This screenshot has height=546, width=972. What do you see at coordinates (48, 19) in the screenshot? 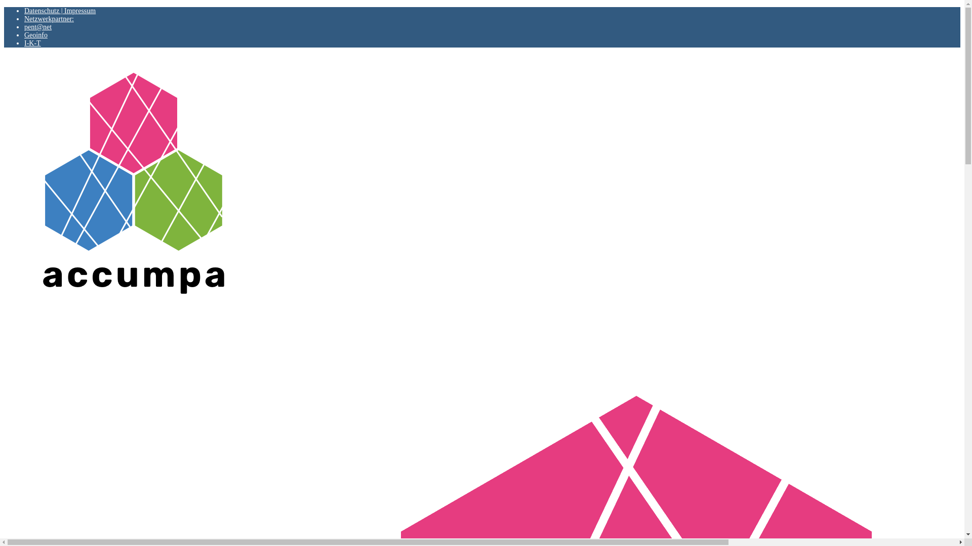
I see `'Netzwerkpartner:'` at bounding box center [48, 19].